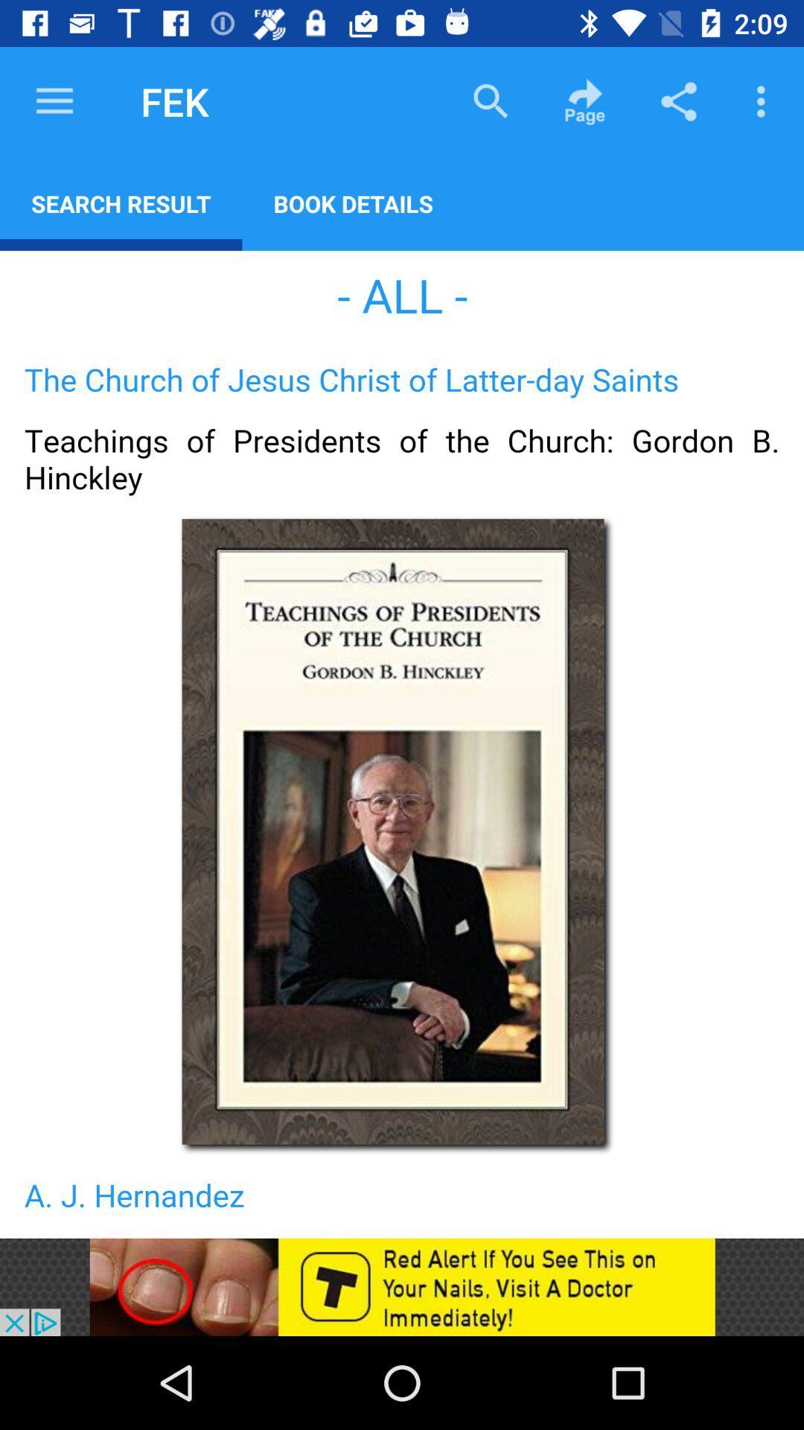  I want to click on the share icon, so click(678, 101).